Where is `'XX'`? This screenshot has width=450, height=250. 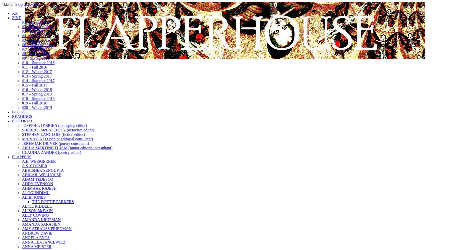
'XX' is located at coordinates (14, 13).